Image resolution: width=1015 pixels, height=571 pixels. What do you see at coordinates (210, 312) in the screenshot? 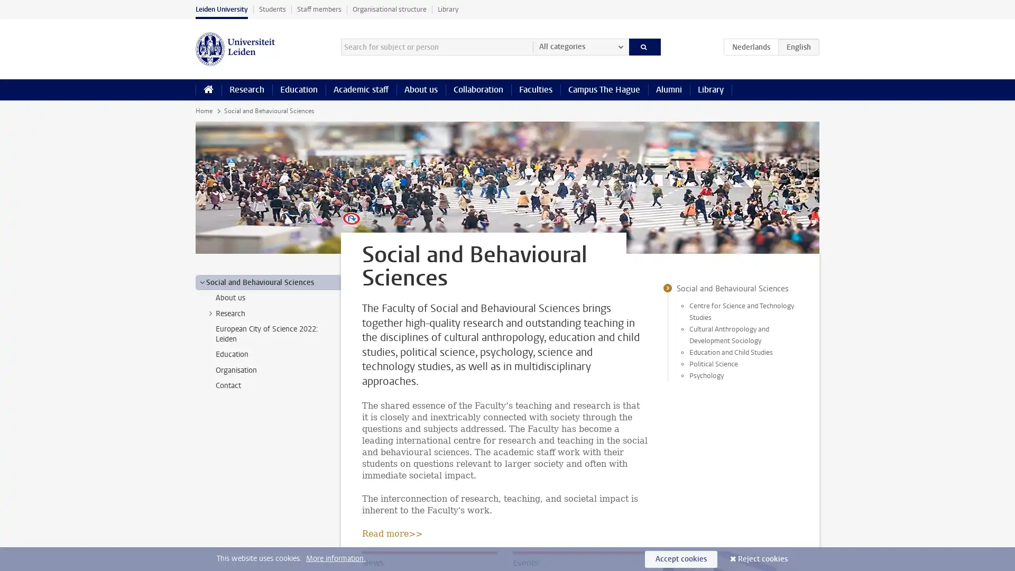
I see `>` at bounding box center [210, 312].